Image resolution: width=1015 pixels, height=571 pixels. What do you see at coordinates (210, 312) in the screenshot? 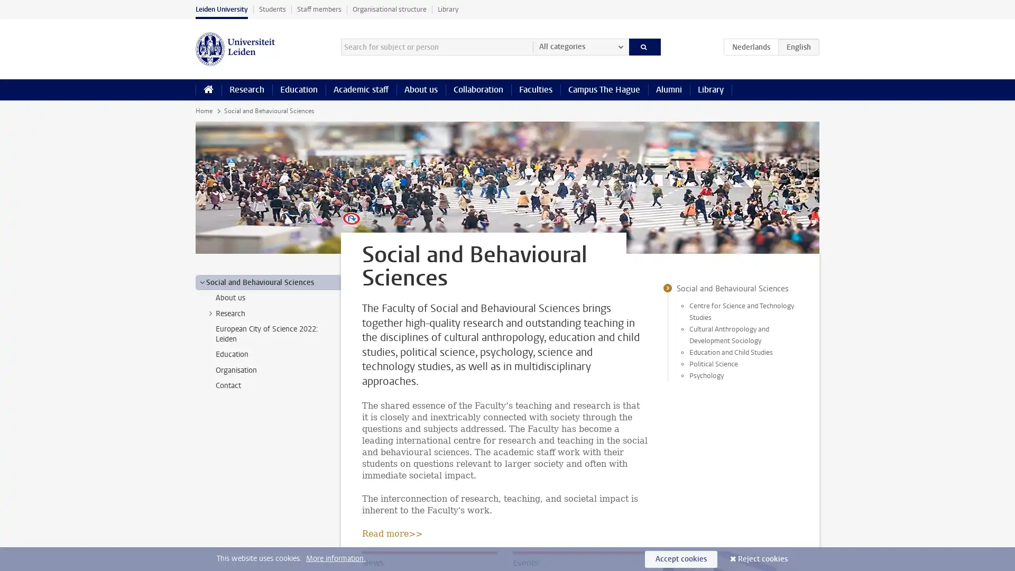
I see `>` at bounding box center [210, 312].